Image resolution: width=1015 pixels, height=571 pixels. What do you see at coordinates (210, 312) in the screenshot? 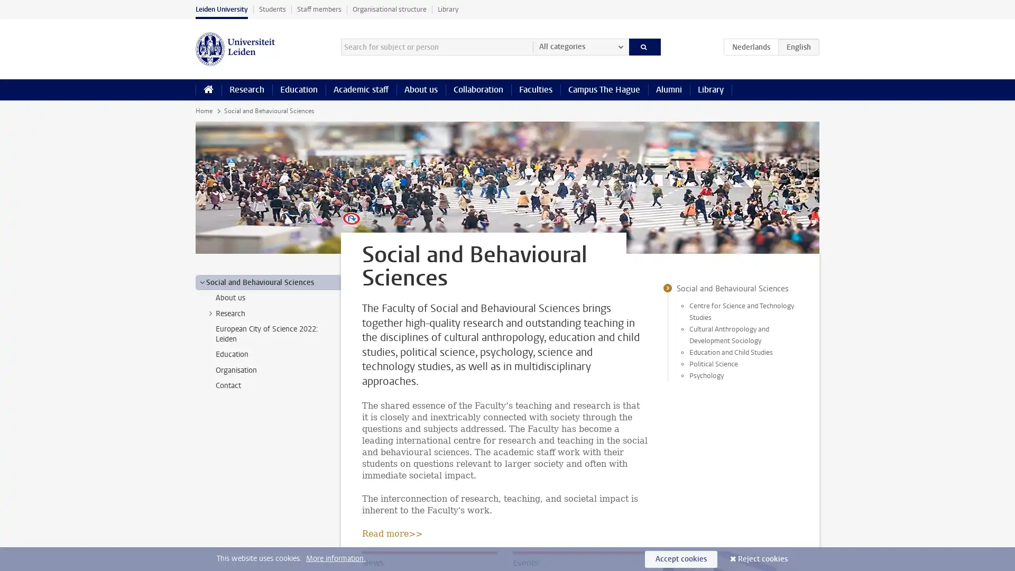
I see `>` at bounding box center [210, 312].